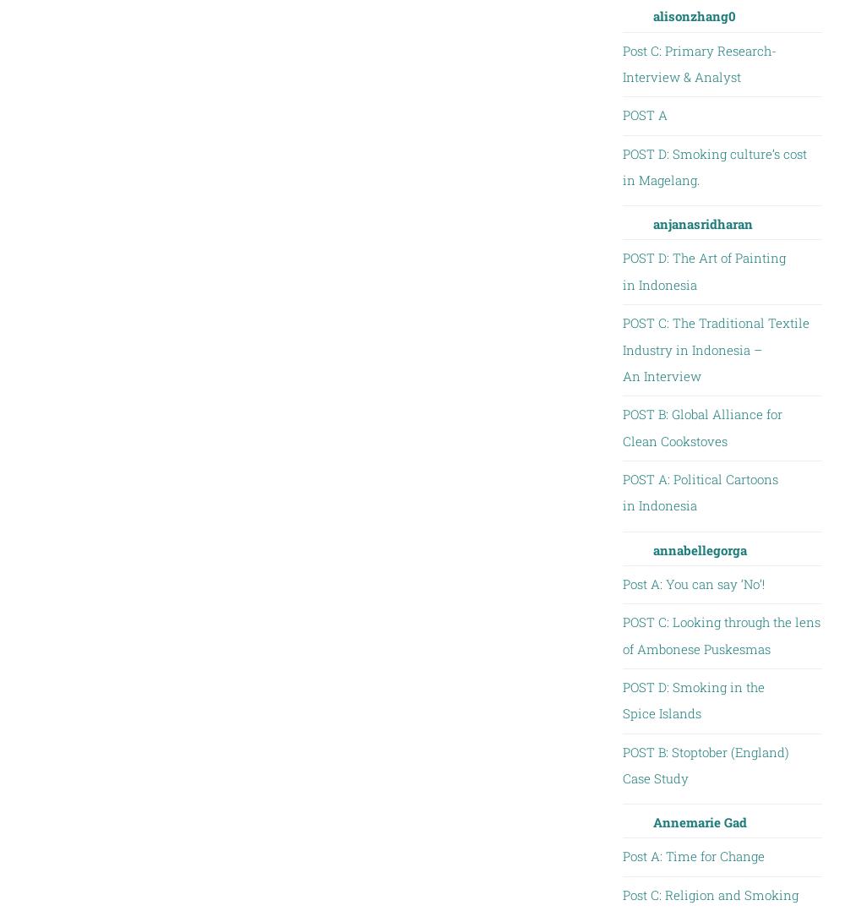 The height and width of the screenshot is (911, 845). What do you see at coordinates (644, 115) in the screenshot?
I see `'POST A'` at bounding box center [644, 115].